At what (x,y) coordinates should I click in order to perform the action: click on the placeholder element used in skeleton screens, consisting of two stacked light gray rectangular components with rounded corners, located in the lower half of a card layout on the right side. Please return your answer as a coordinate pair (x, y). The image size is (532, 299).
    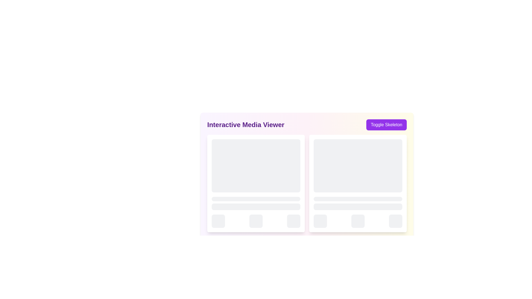
    Looking at the image, I should click on (358, 203).